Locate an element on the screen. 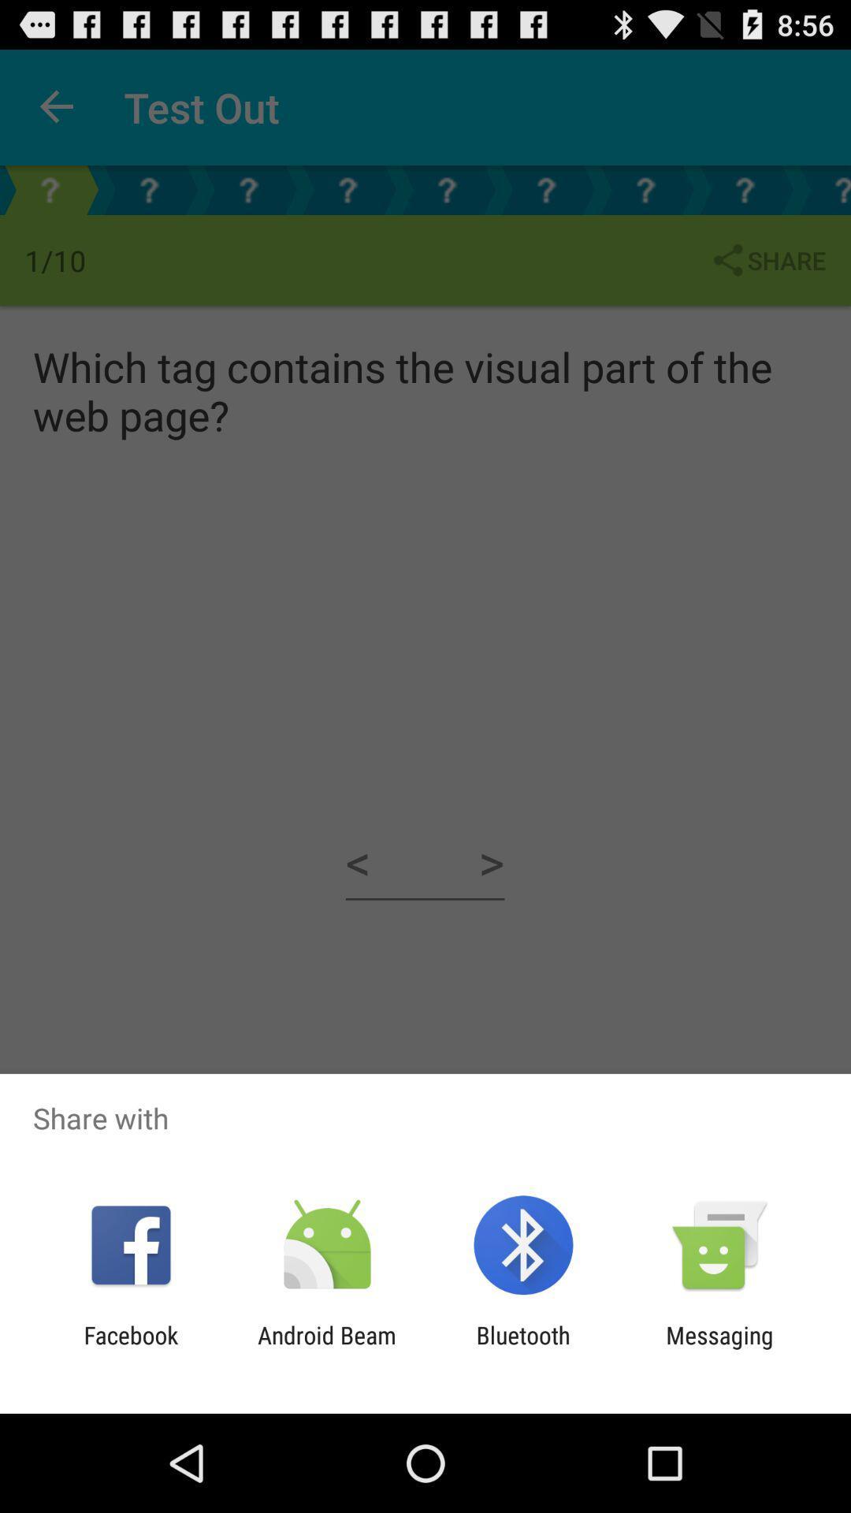 This screenshot has height=1513, width=851. icon next to facebook app is located at coordinates (326, 1348).